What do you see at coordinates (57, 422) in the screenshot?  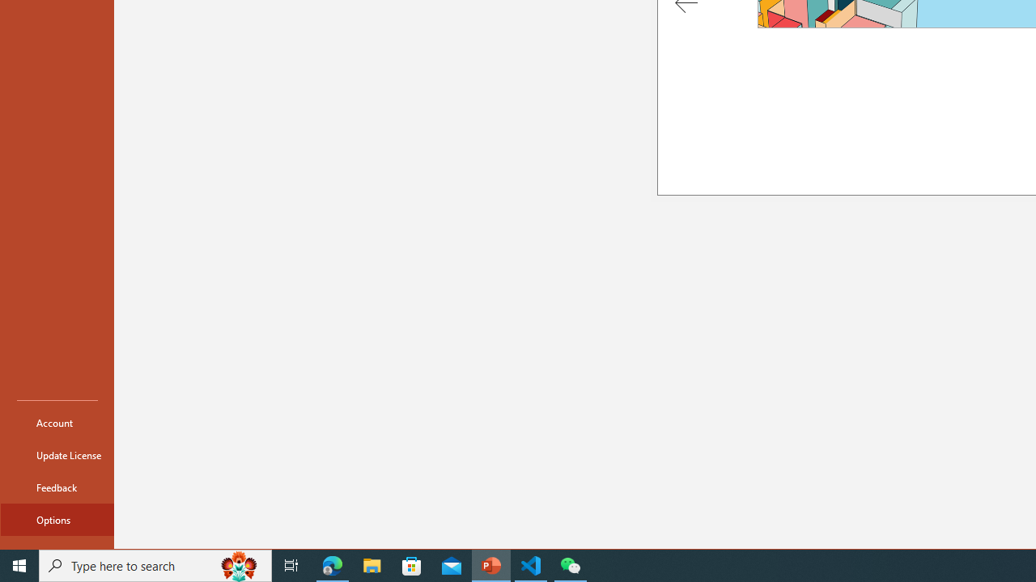 I see `'Account'` at bounding box center [57, 422].